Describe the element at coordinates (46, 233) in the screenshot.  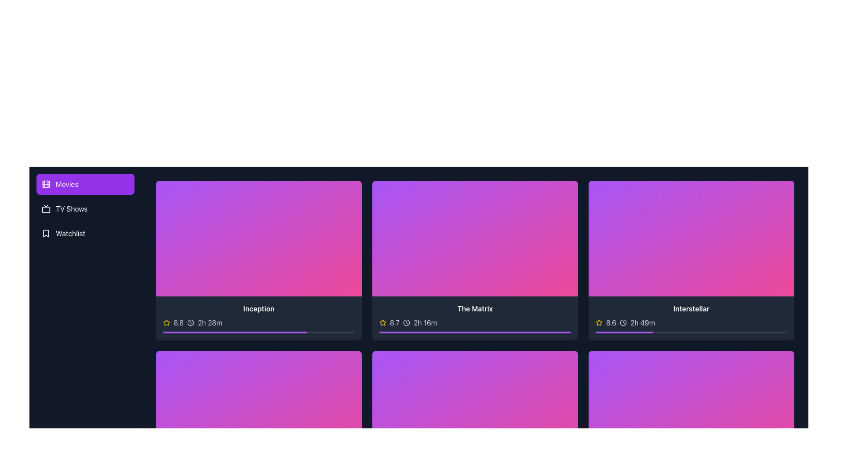
I see `the bookmark icon located to the left of the 'Watchlist' text` at that location.